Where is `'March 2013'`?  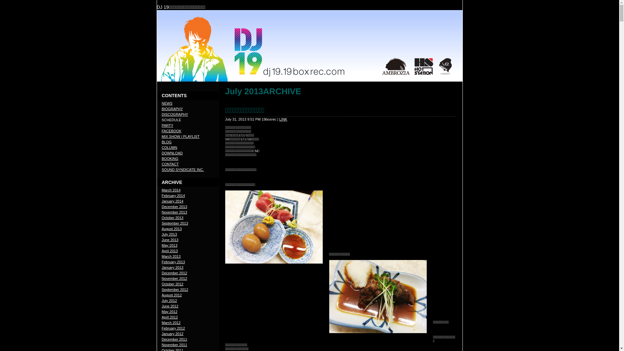 'March 2013' is located at coordinates (171, 256).